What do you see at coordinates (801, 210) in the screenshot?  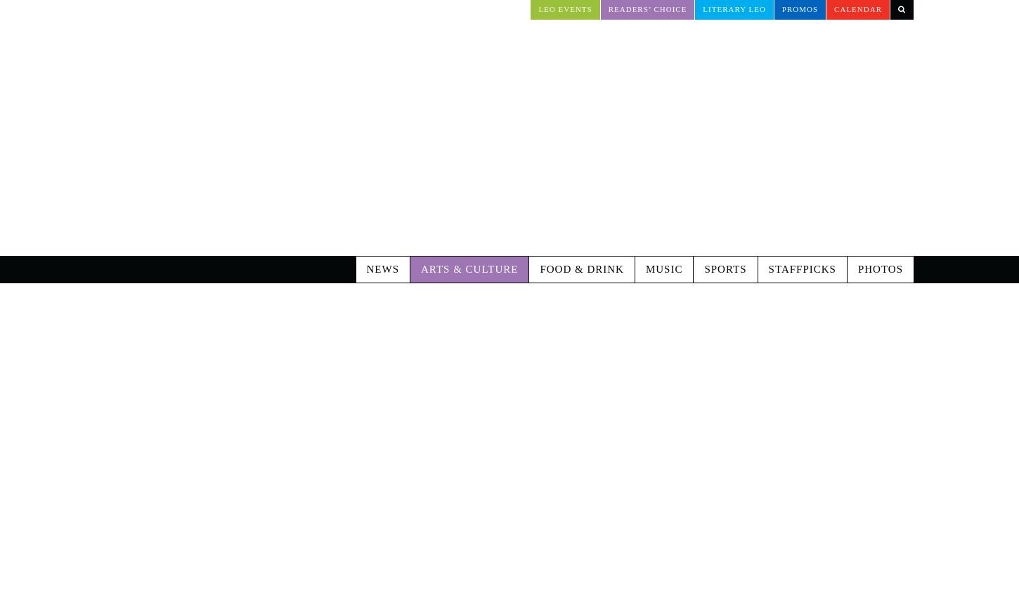 I see `'Staffpicks'` at bounding box center [801, 210].